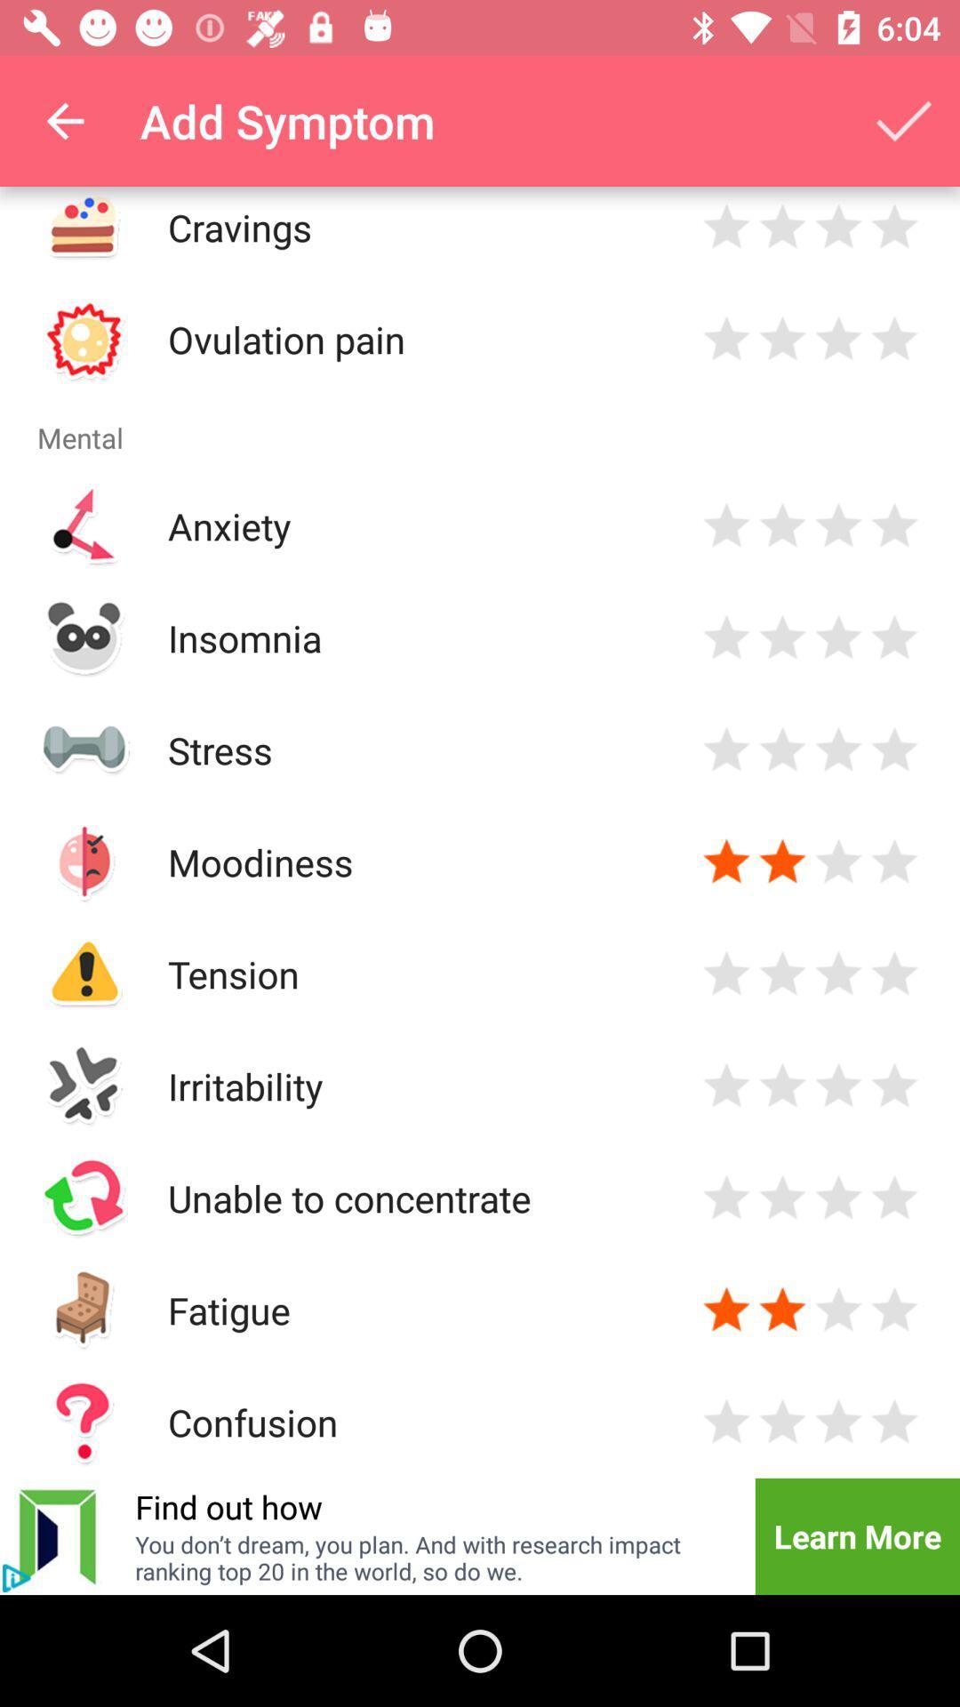 The image size is (960, 1707). Describe the element at coordinates (838, 1310) in the screenshot. I see `rate three stars` at that location.